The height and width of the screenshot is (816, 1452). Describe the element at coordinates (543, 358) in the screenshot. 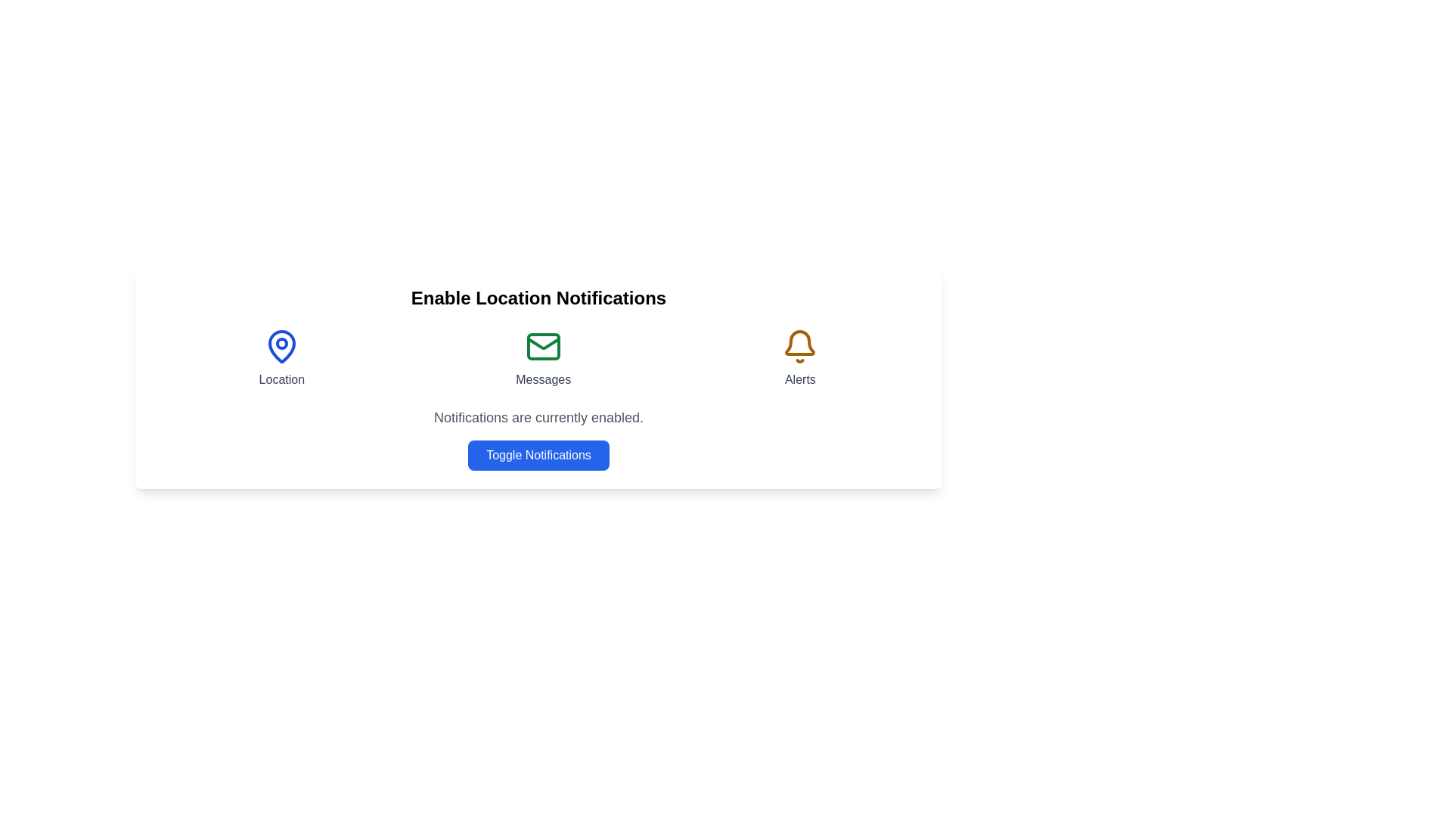

I see `the 'Messages' Navigation Button, which features a green envelope icon and gray text below it` at that location.